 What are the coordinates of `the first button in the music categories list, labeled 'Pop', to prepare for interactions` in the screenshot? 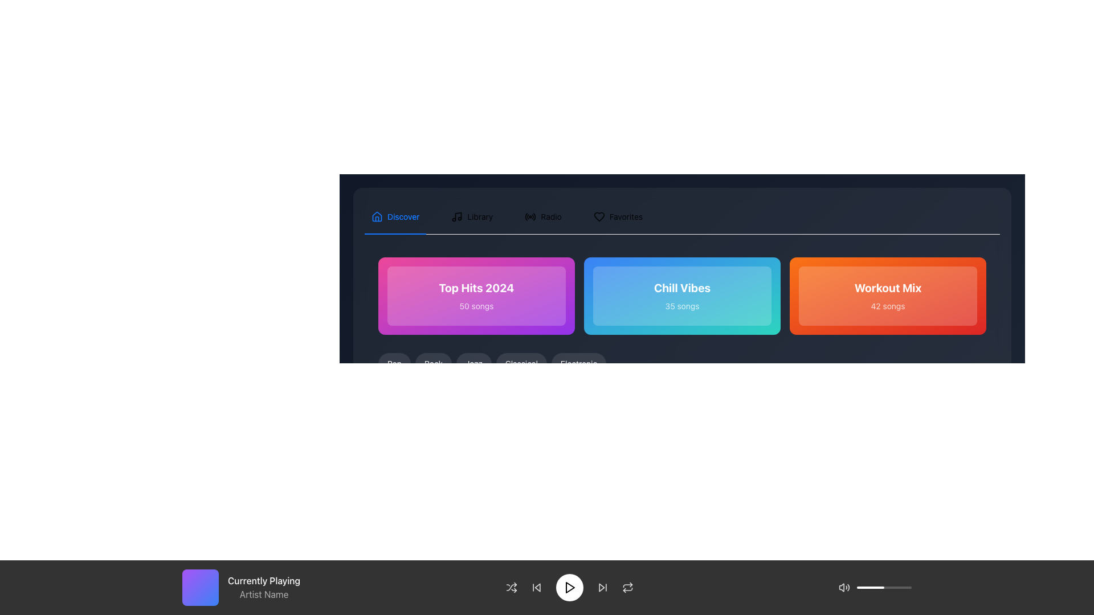 It's located at (394, 364).